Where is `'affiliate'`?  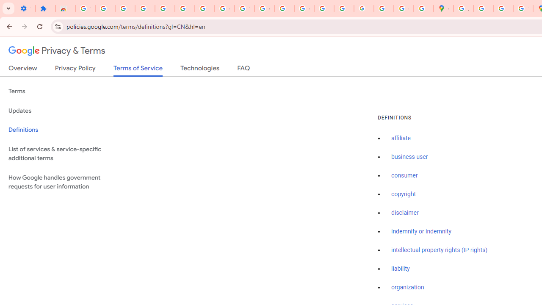 'affiliate' is located at coordinates (401, 138).